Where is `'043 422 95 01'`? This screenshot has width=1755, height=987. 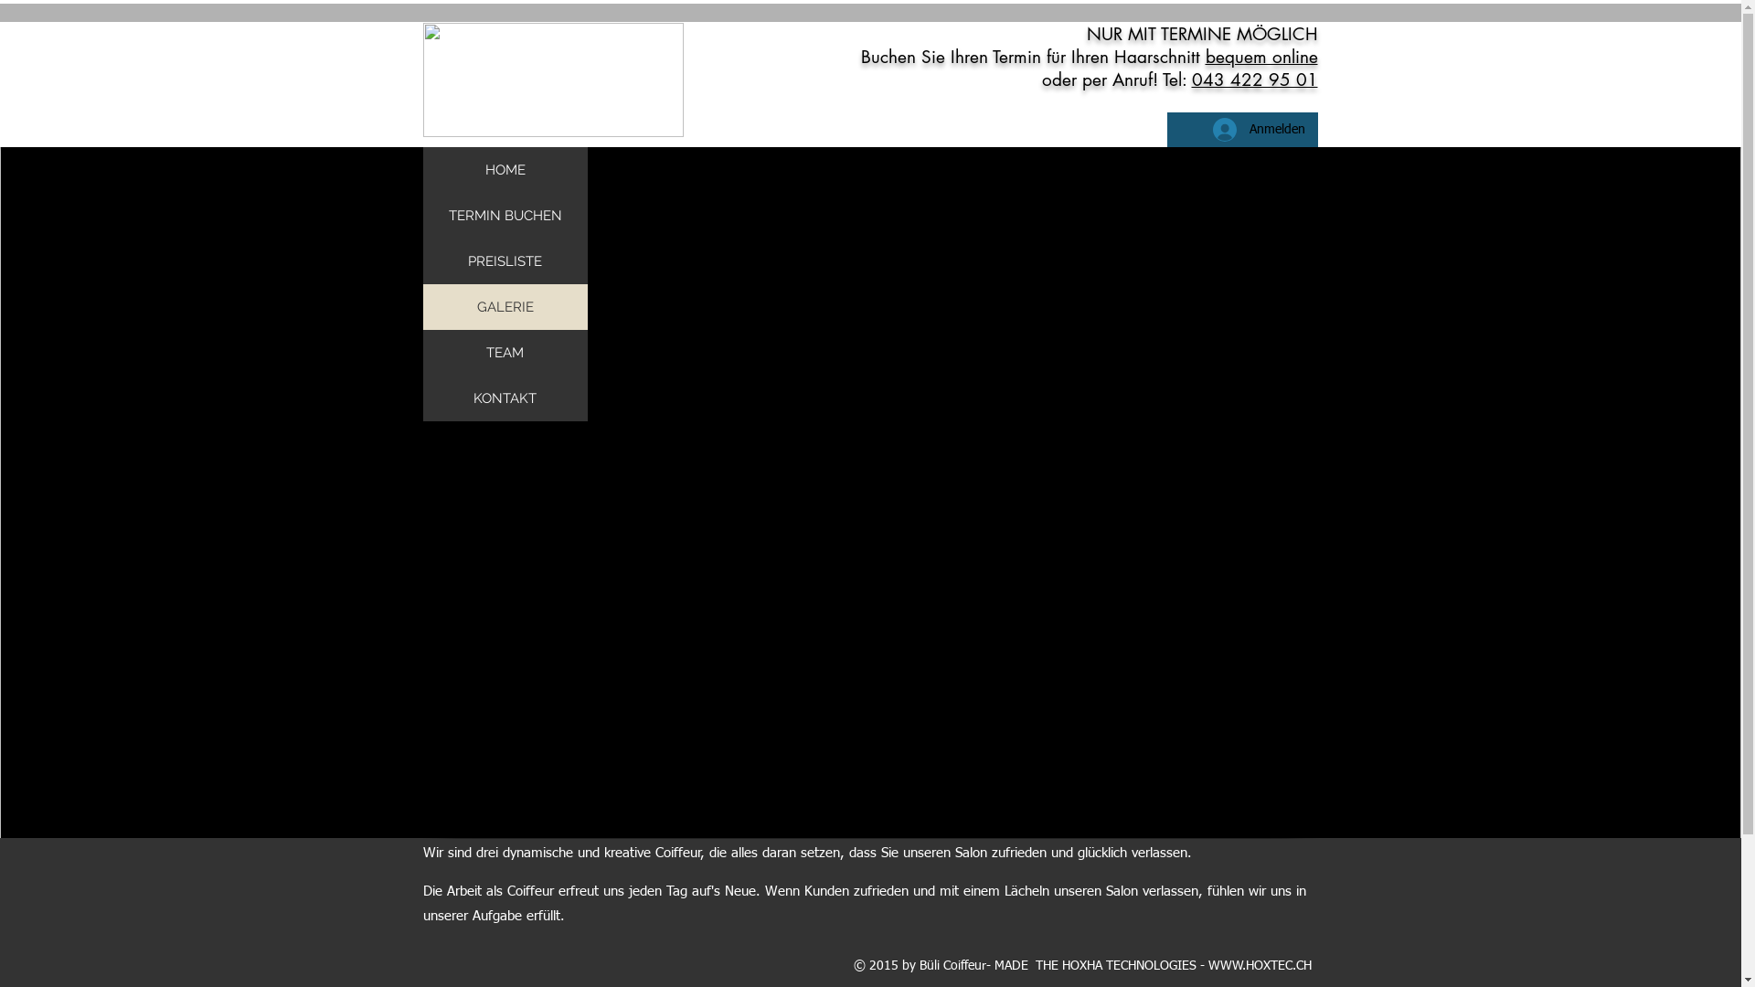
'043 422 95 01' is located at coordinates (1192, 79).